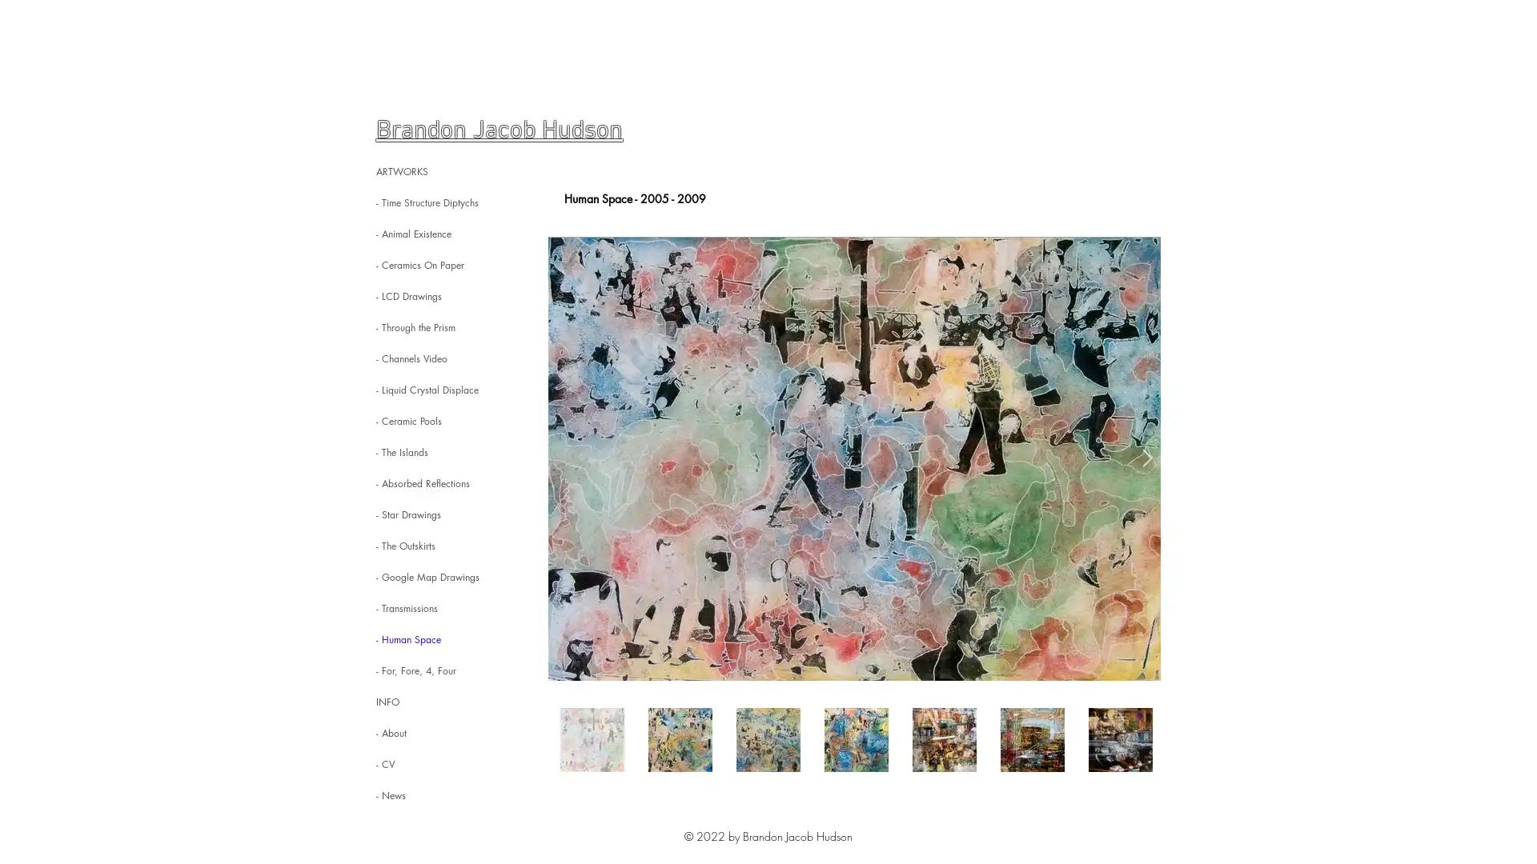 The height and width of the screenshot is (864, 1537). Describe the element at coordinates (1146, 458) in the screenshot. I see `Next Item` at that location.